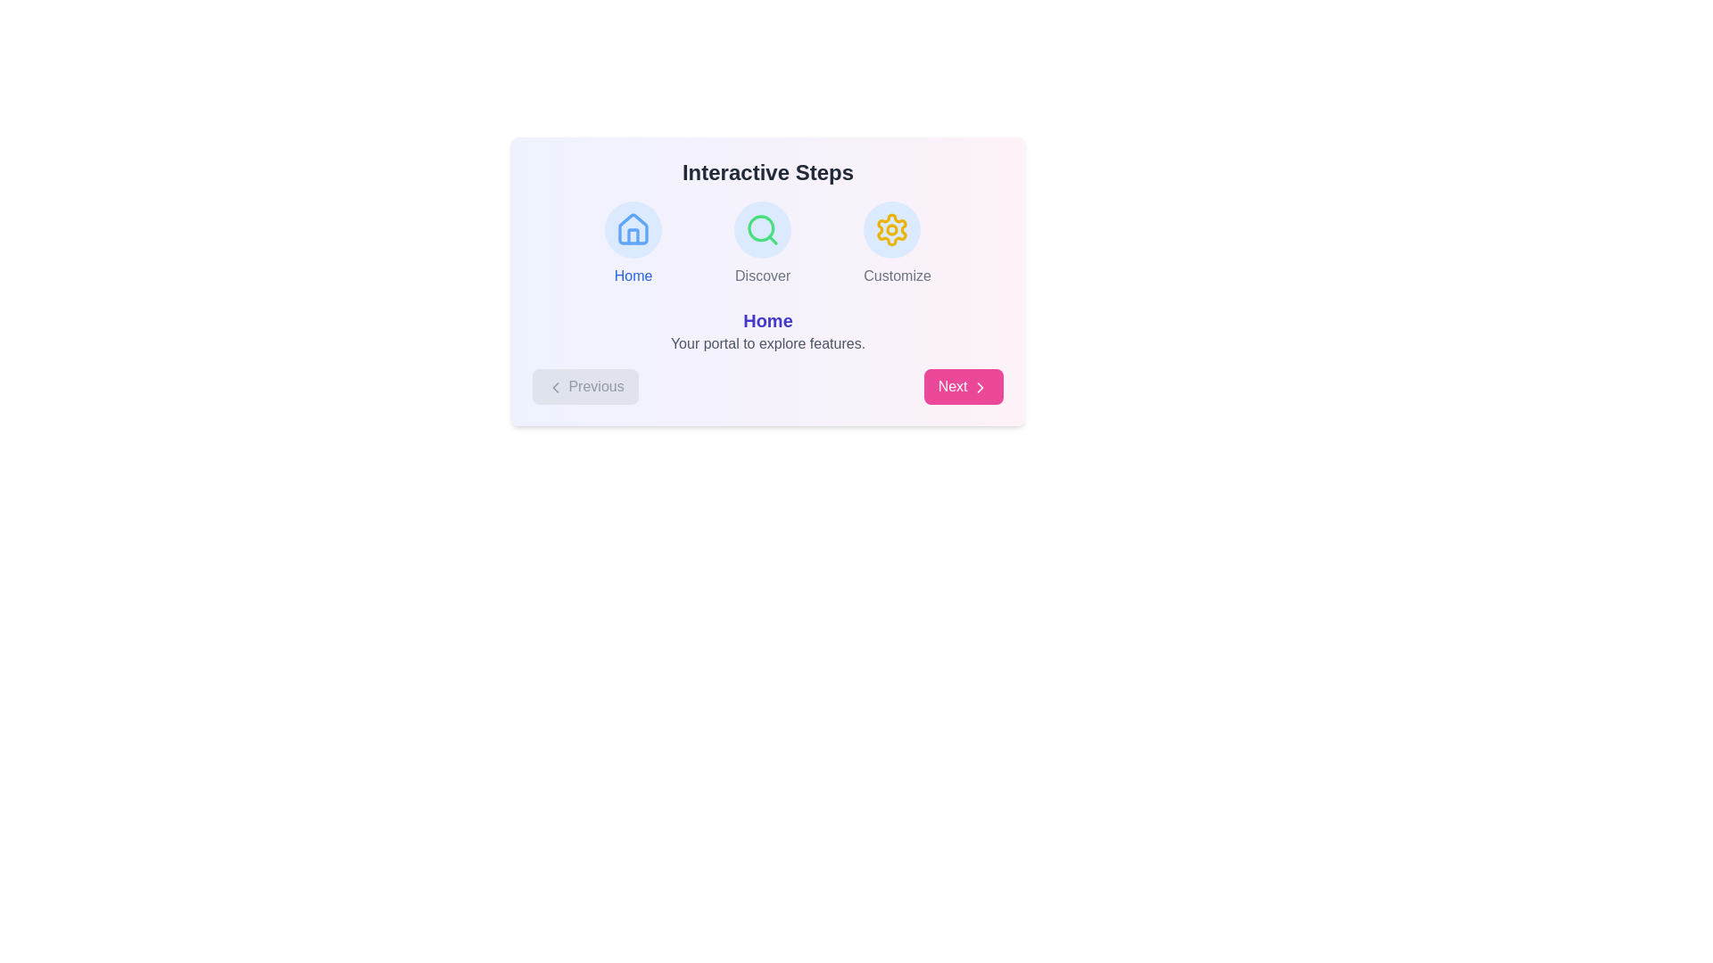 The width and height of the screenshot is (1713, 963). What do you see at coordinates (761, 227) in the screenshot?
I see `the decorative circle-shaped graphical design element within the 'Discover' magnifying glass icon` at bounding box center [761, 227].